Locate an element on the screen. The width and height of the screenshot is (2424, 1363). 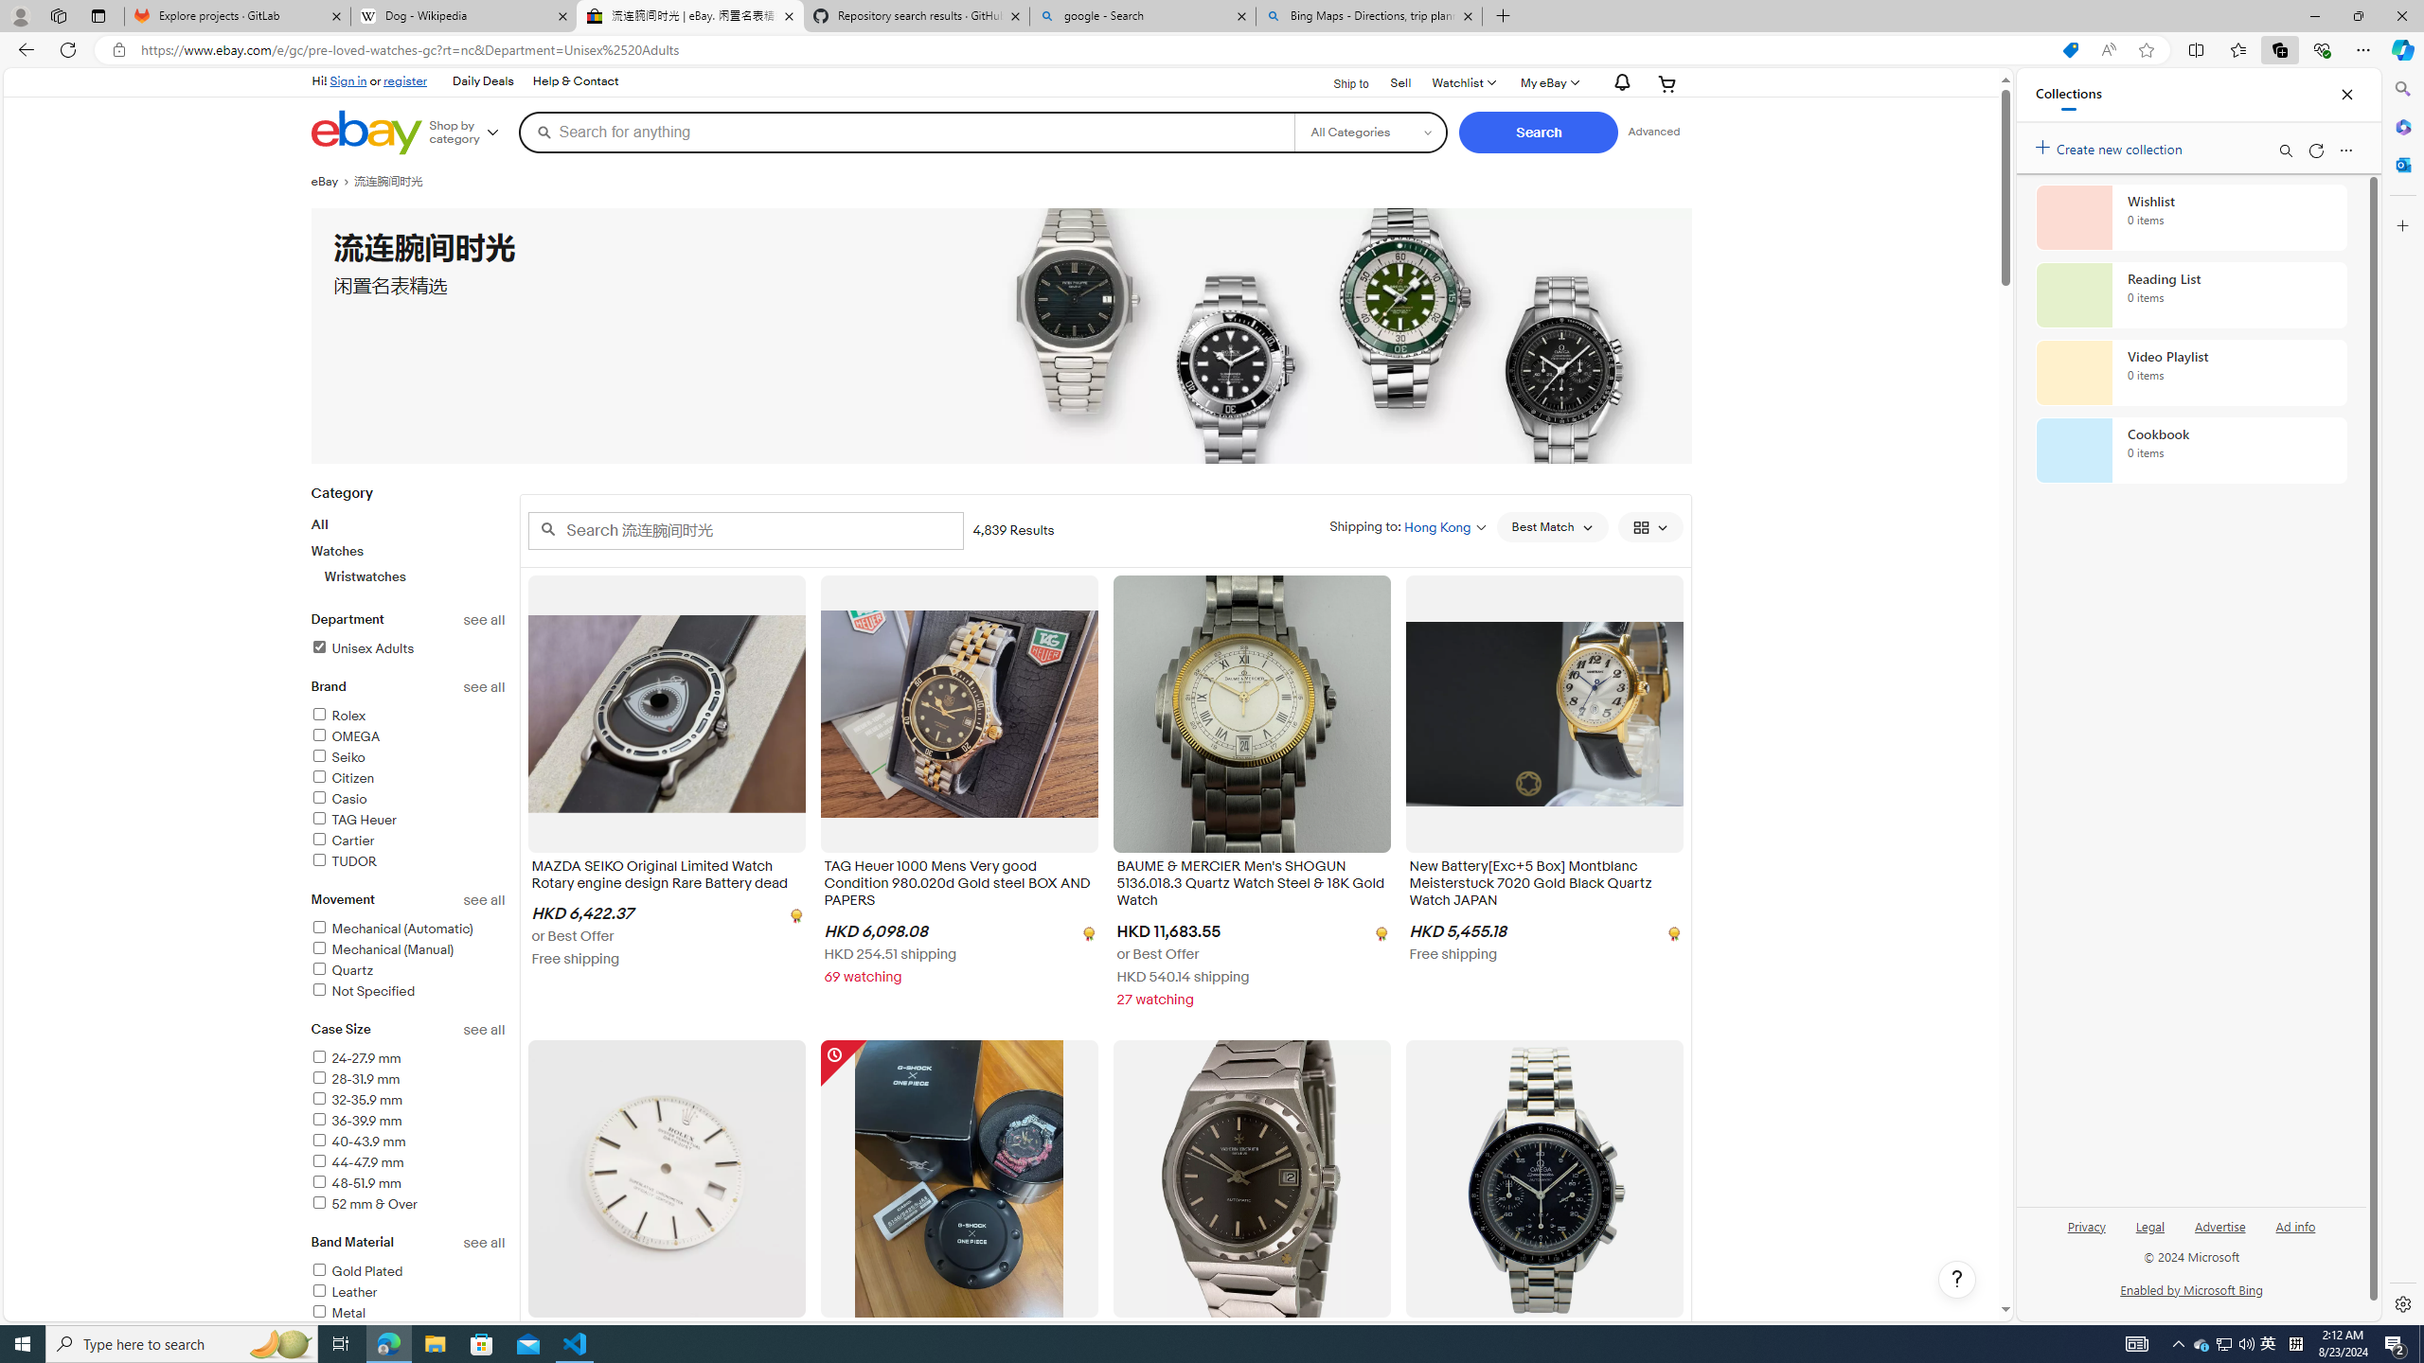
'Cartier' is located at coordinates (343, 841).